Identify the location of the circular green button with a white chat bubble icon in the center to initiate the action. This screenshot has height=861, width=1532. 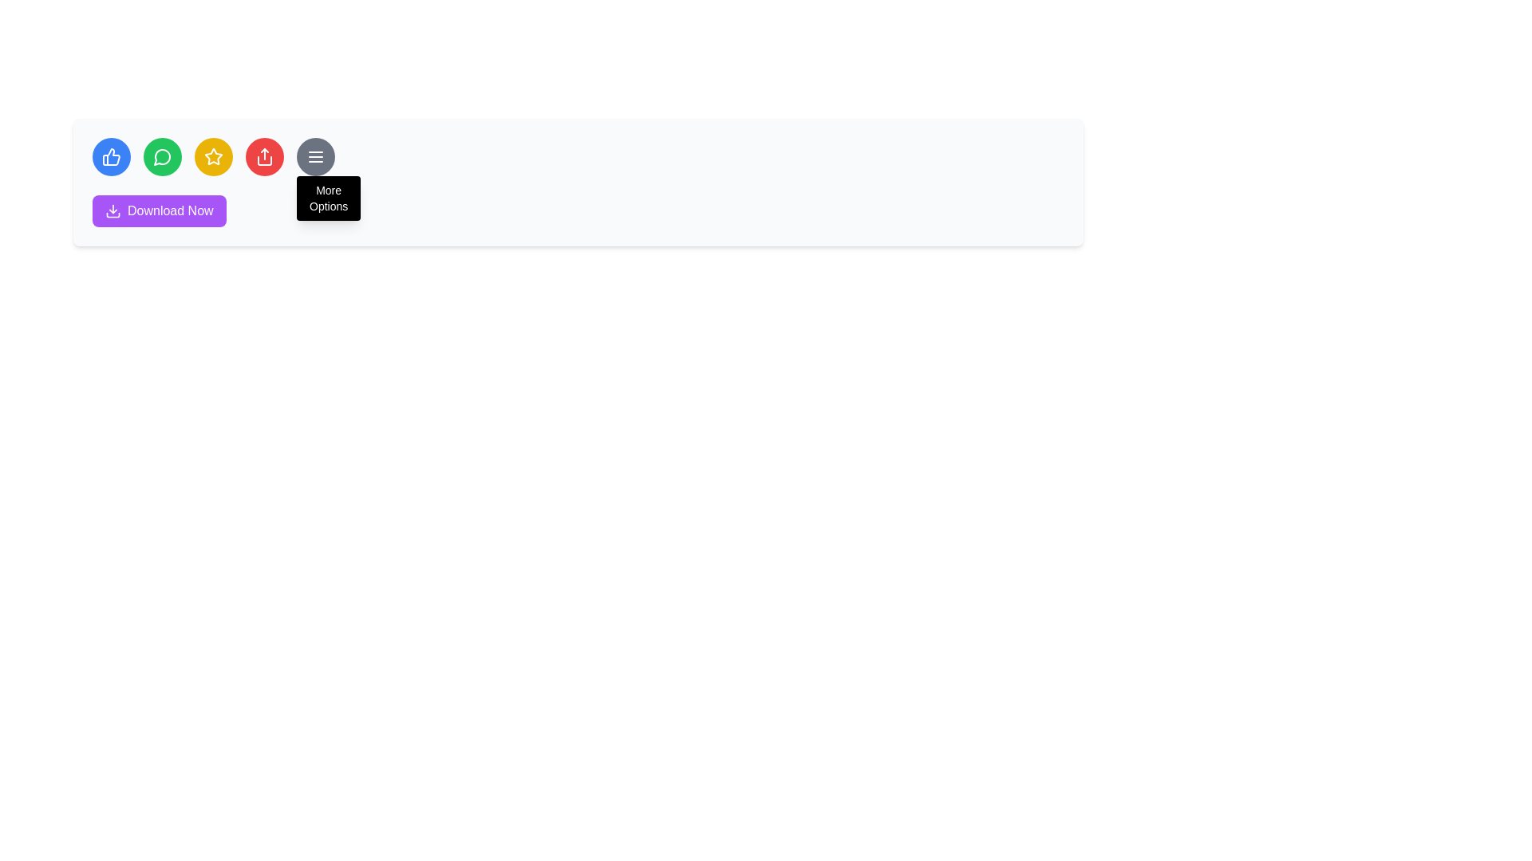
(162, 156).